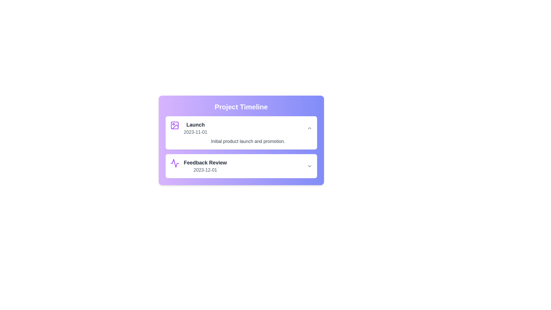  I want to click on date displayed in the gray-colored text label below the title 'Feedback Review' in the 'Project Timeline' interface, so click(205, 170).